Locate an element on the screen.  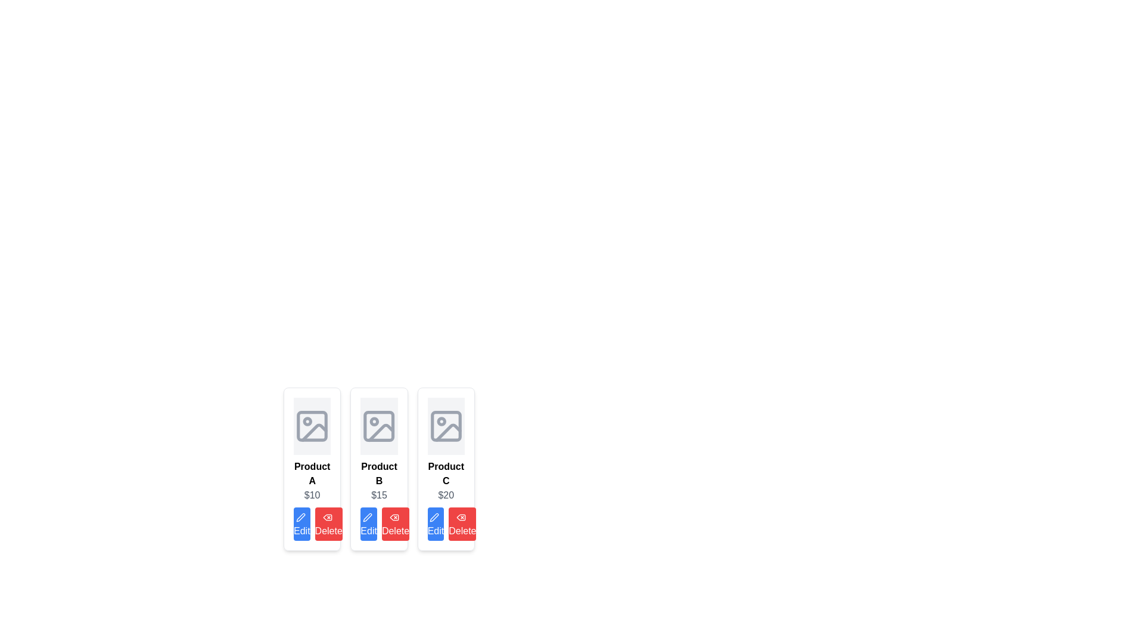
the gray picture frame icon with a circular node and diagonal line located in the first product card above the title 'Product A' and price '$10' is located at coordinates (312, 425).